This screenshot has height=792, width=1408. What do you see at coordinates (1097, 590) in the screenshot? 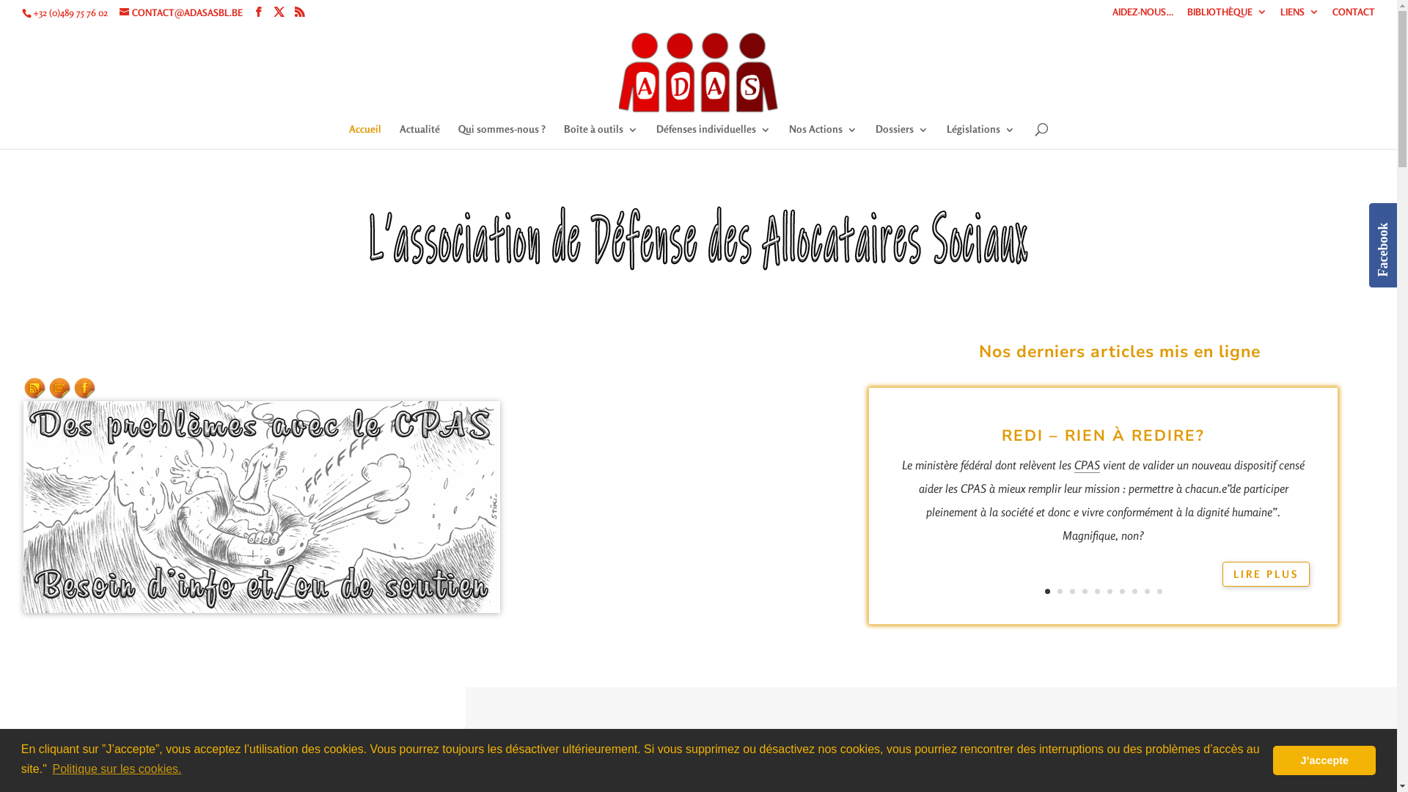
I see `'5'` at bounding box center [1097, 590].